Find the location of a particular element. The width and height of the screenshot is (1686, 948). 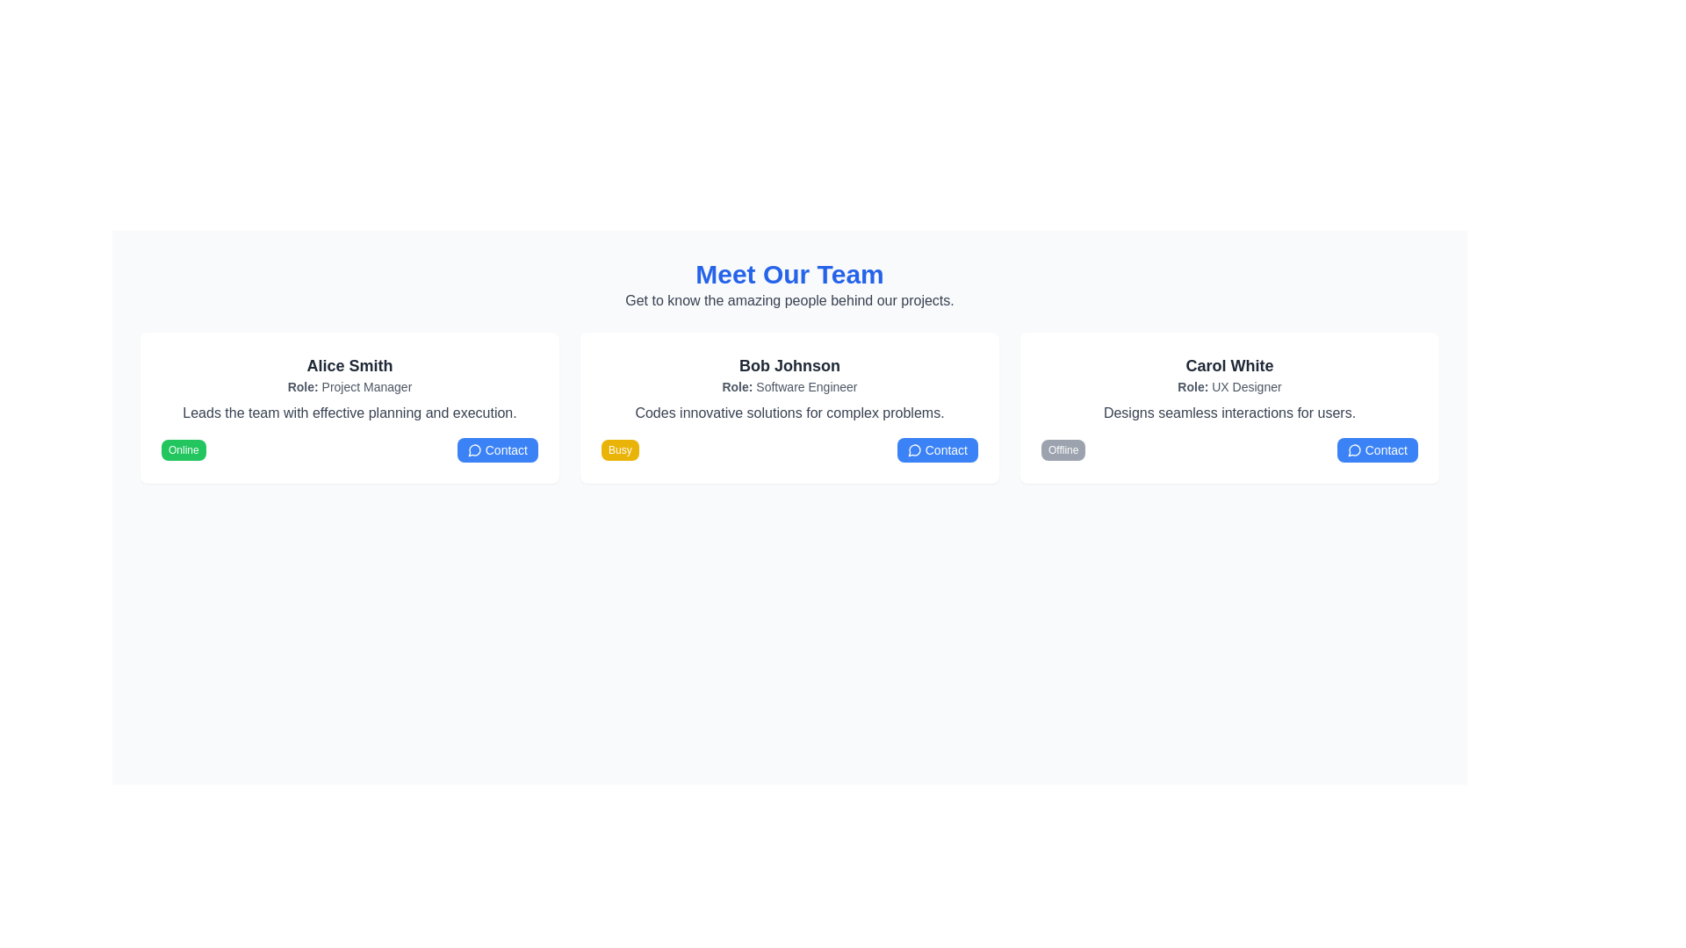

the text label reading 'Carol White', which is styled in bold and dark gray, located at the top center of the rightmost card panel is located at coordinates (1228, 364).